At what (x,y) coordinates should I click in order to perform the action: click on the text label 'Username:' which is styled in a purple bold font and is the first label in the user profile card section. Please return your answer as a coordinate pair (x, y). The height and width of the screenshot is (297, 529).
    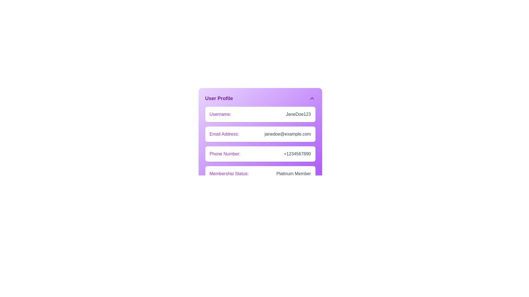
    Looking at the image, I should click on (220, 114).